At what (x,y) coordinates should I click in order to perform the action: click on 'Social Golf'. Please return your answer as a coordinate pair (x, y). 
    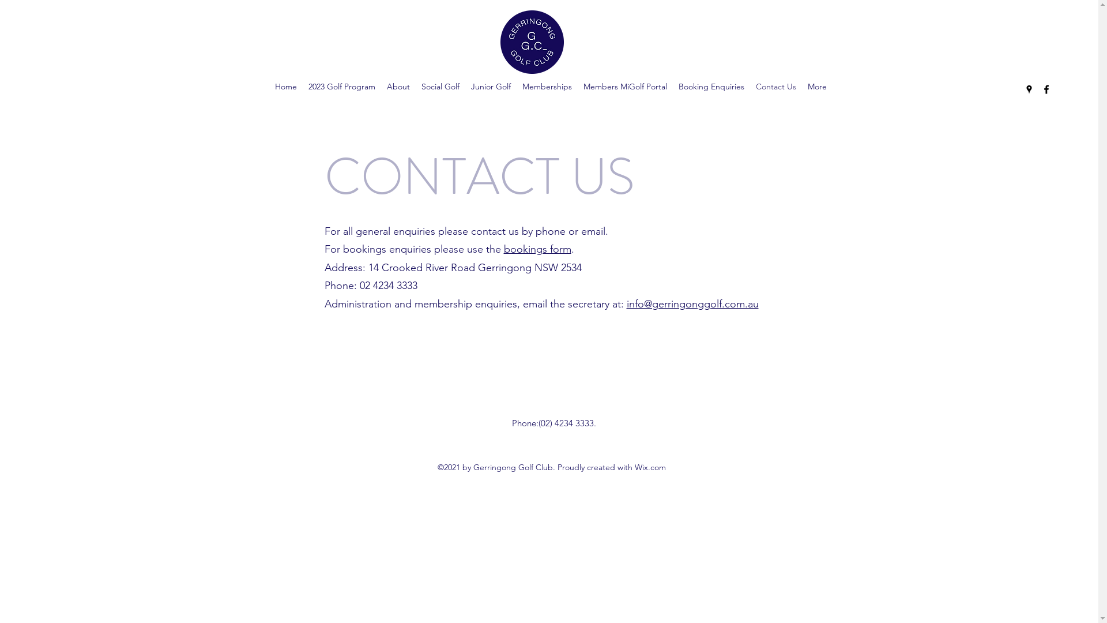
    Looking at the image, I should click on (439, 86).